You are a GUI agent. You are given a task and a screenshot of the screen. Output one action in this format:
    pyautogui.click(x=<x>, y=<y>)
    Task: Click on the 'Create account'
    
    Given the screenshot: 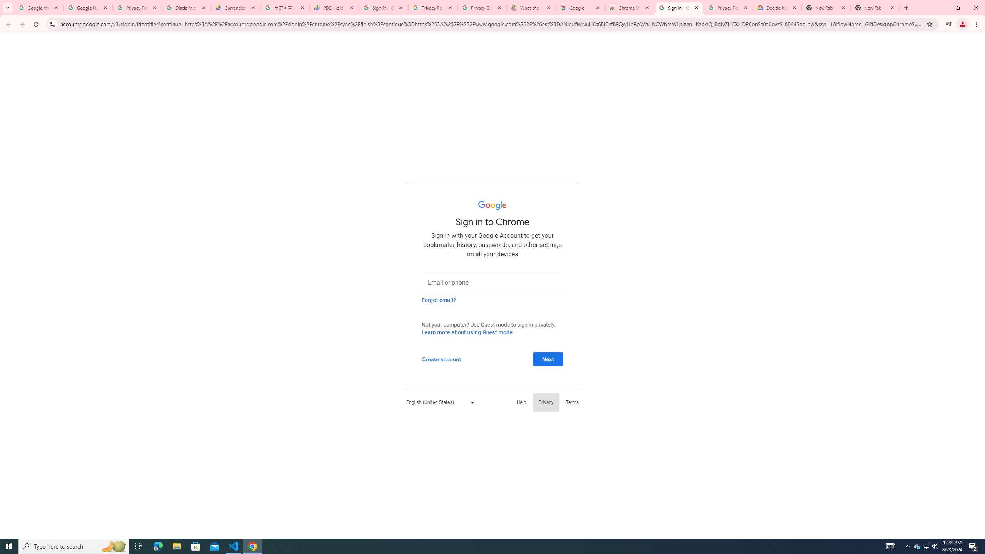 What is the action you would take?
    pyautogui.click(x=441, y=359)
    